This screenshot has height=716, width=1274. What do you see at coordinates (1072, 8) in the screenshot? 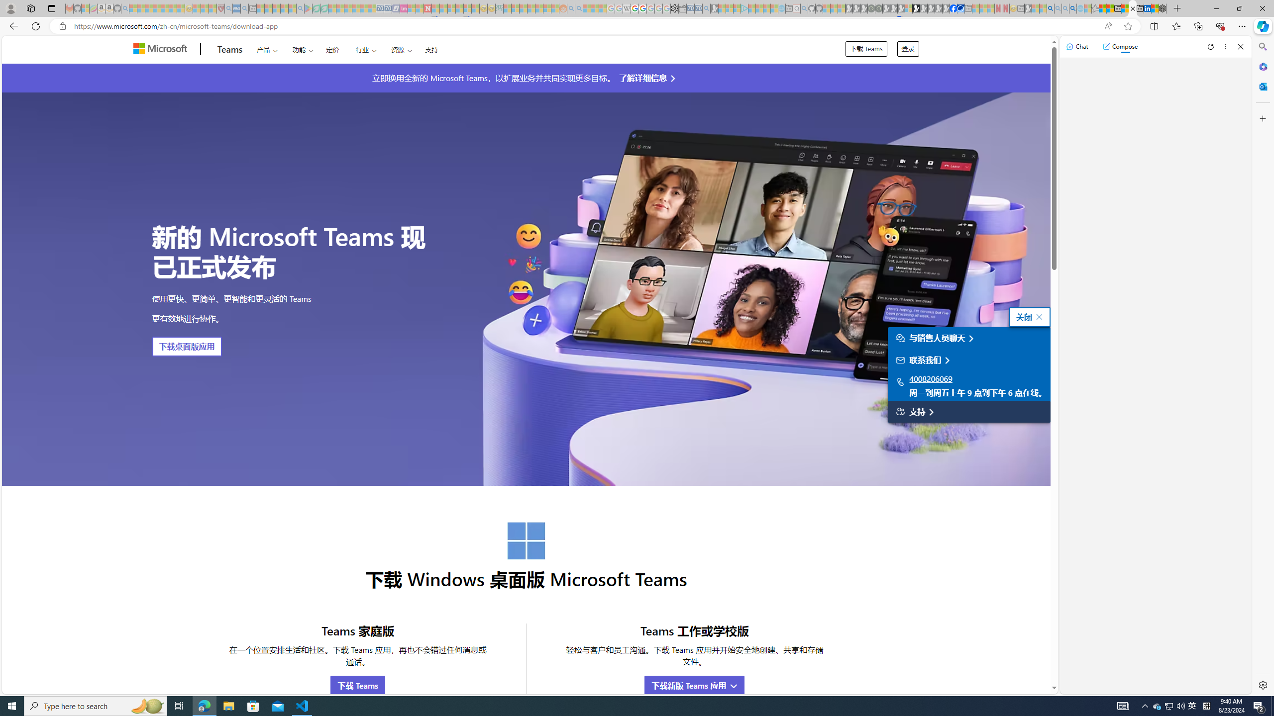
I see `'Google Chrome Internet Browser Download - Search Images'` at bounding box center [1072, 8].